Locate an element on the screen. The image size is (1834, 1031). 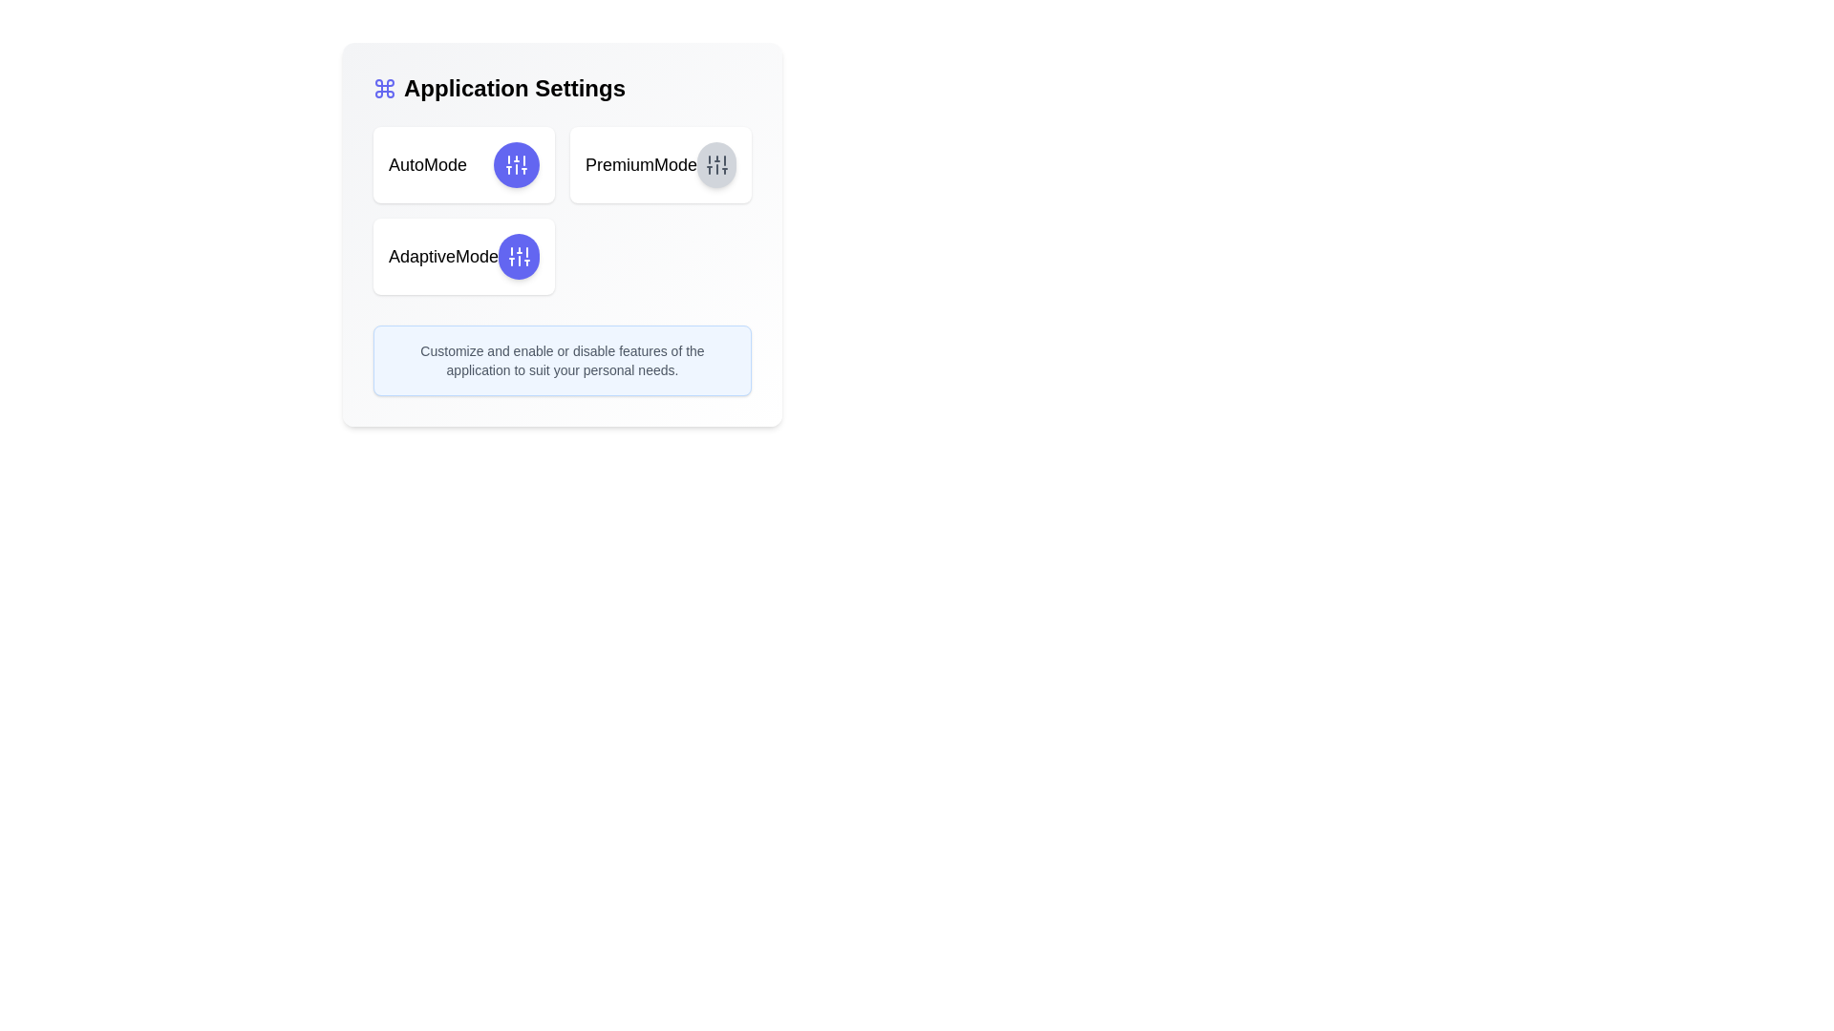
the decorative icon located at the top-left corner of the 'Application Settings' panel, which is positioned before the heading text is located at coordinates (384, 88).